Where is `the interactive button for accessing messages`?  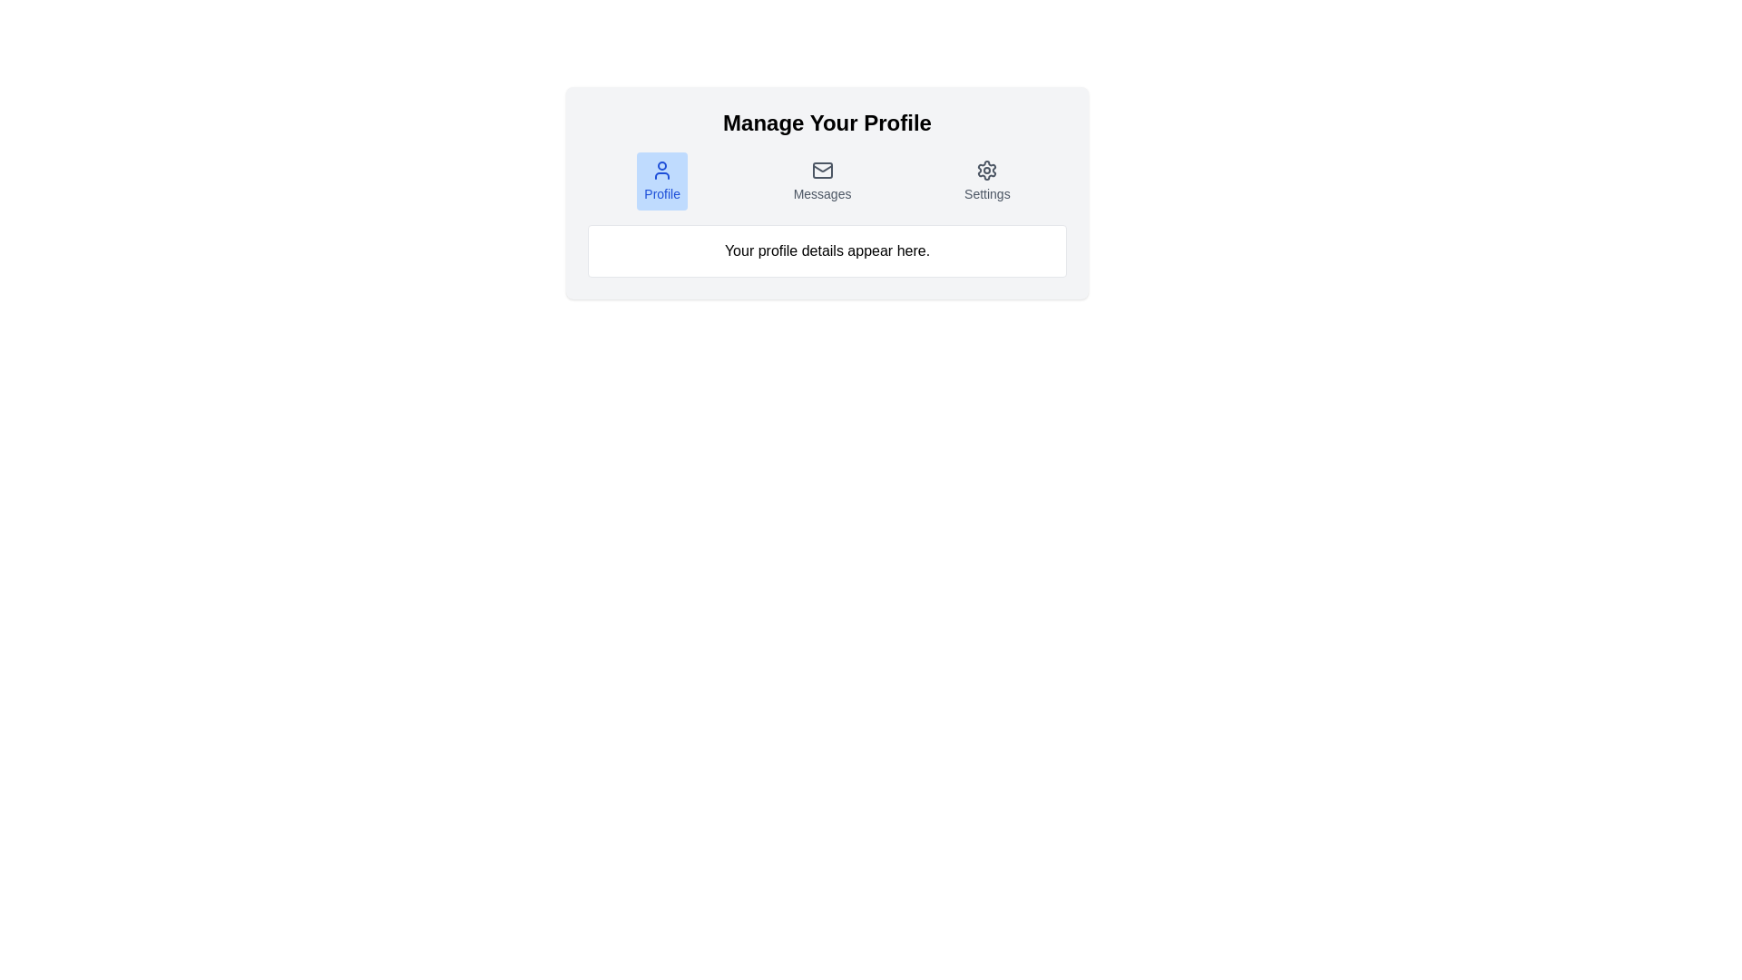 the interactive button for accessing messages is located at coordinates (827, 181).